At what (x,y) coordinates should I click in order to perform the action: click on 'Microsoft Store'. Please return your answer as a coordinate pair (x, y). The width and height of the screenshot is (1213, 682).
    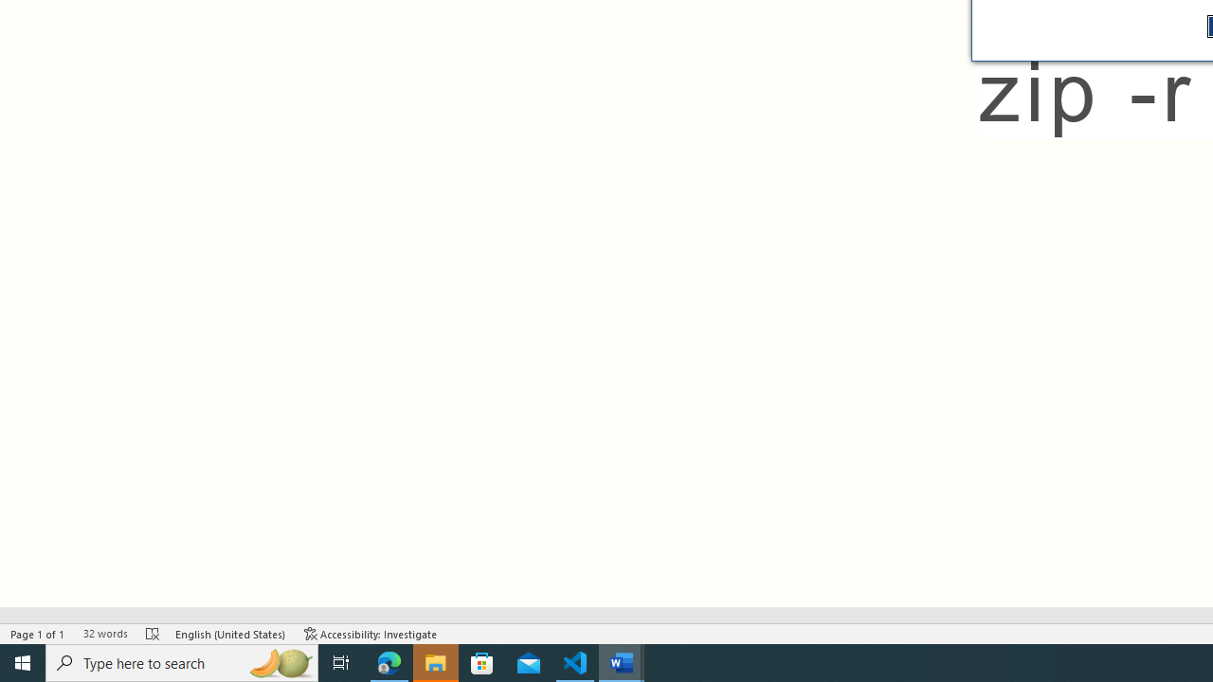
    Looking at the image, I should click on (482, 661).